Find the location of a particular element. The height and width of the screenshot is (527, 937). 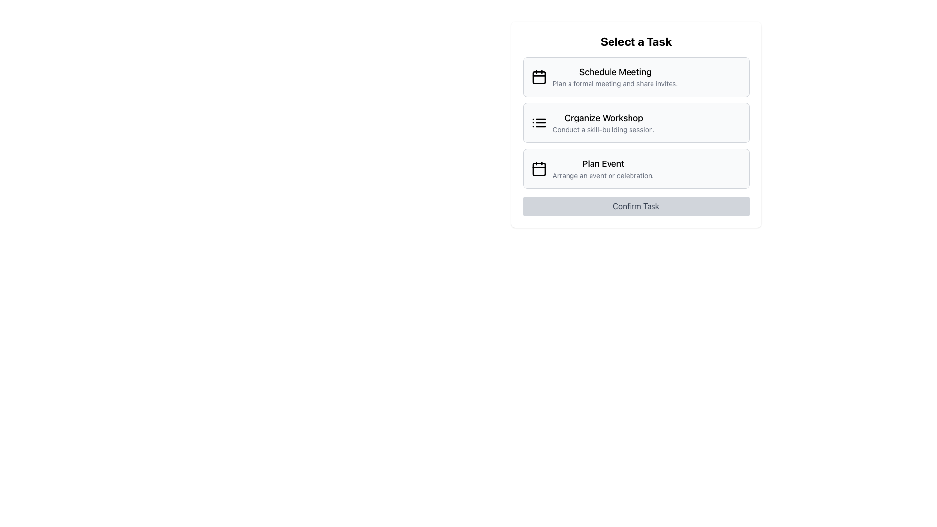

the 'Schedule Meeting' card option, which is a rectangular card with a light gray background and the heading 'Schedule Meeting' in bold is located at coordinates (636, 77).